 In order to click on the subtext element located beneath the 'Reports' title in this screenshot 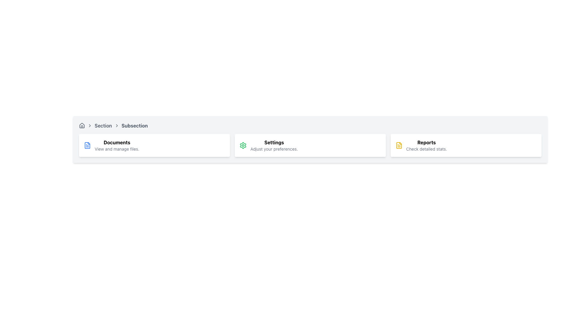, I will do `click(426, 149)`.